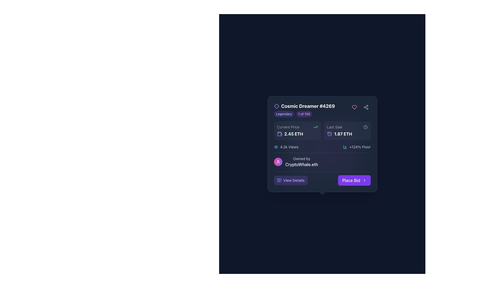 The image size is (502, 282). I want to click on the owner information associated with the text label 'CryptoWhale.eth' displayed in white bold font, located, so click(301, 164).